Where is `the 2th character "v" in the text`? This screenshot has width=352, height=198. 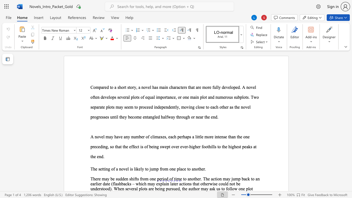
the 2th character "v" in the text is located at coordinates (119, 136).